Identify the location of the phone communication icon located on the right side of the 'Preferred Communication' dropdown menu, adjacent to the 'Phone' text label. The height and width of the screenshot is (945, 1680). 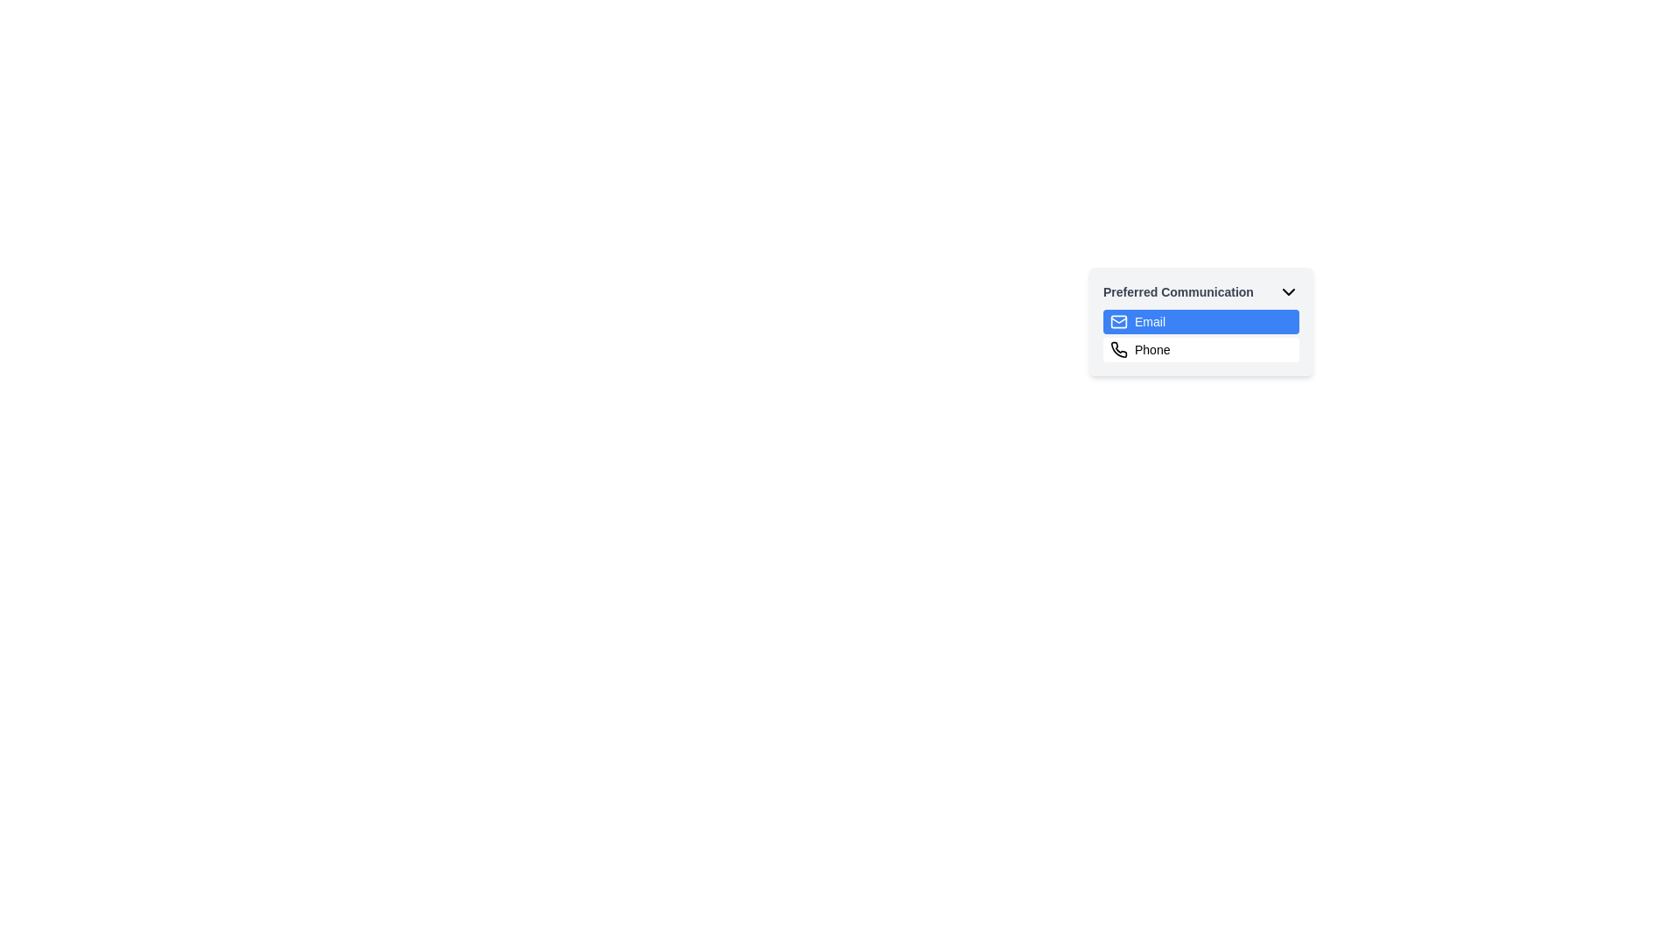
(1118, 349).